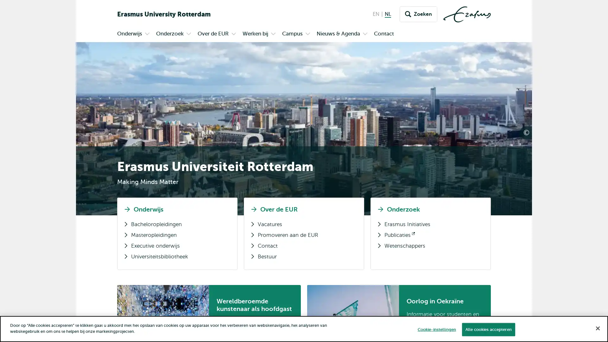  What do you see at coordinates (551, 133) in the screenshot?
I see `Pascal Striebel` at bounding box center [551, 133].